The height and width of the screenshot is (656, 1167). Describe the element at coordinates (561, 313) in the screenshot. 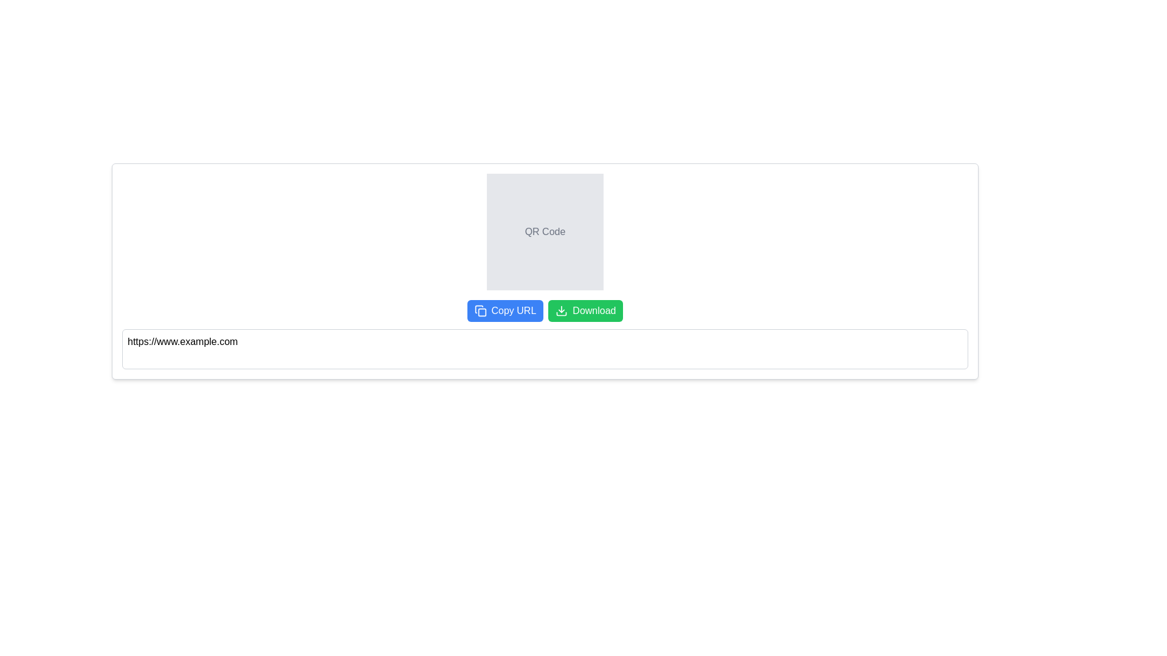

I see `the appearance of the download icon component located to the left of the 'Download' button at the lower right side of the interface` at that location.